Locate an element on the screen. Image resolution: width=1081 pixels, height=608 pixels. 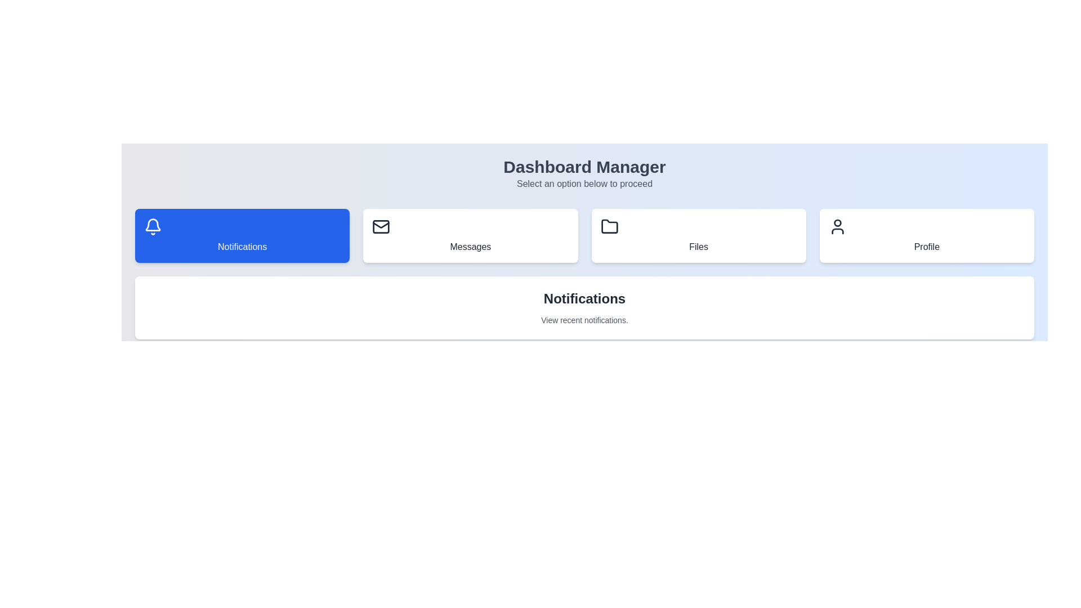
the 'Messages' card that contains the mail icon, which is the leftmost element in the horizontal grid is located at coordinates (381, 226).